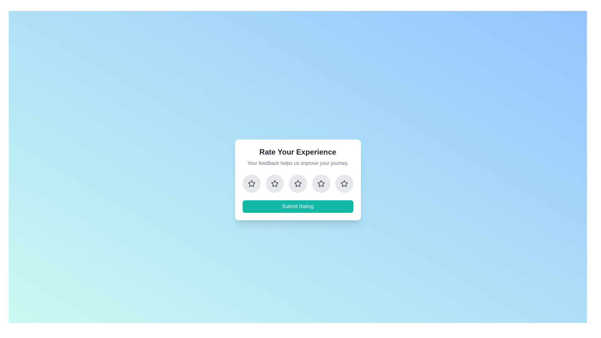  Describe the element at coordinates (251, 183) in the screenshot. I see `the rating button corresponding to 1` at that location.